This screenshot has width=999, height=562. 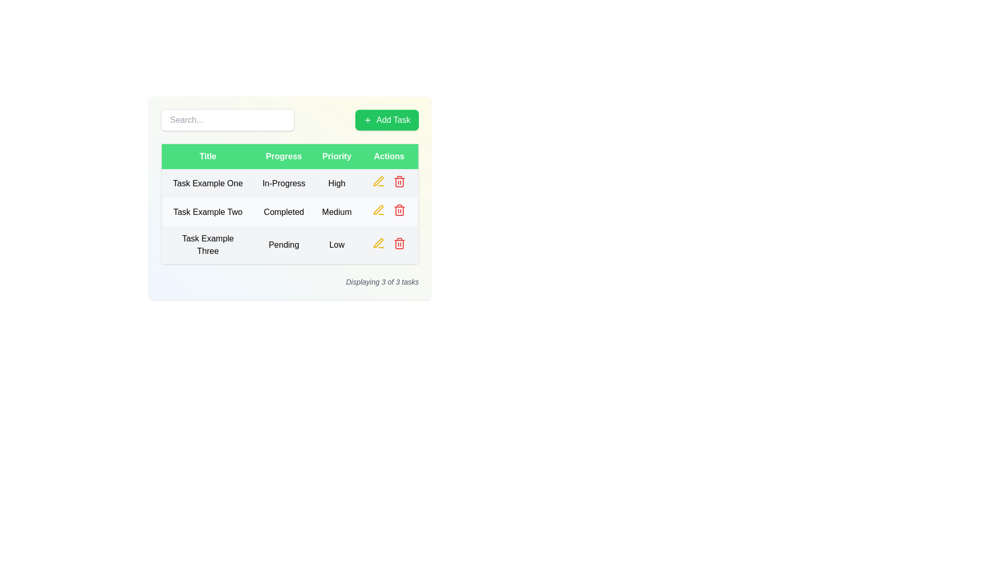 What do you see at coordinates (378, 181) in the screenshot?
I see `the pen icon in the 'Actions' column of the second row` at bounding box center [378, 181].